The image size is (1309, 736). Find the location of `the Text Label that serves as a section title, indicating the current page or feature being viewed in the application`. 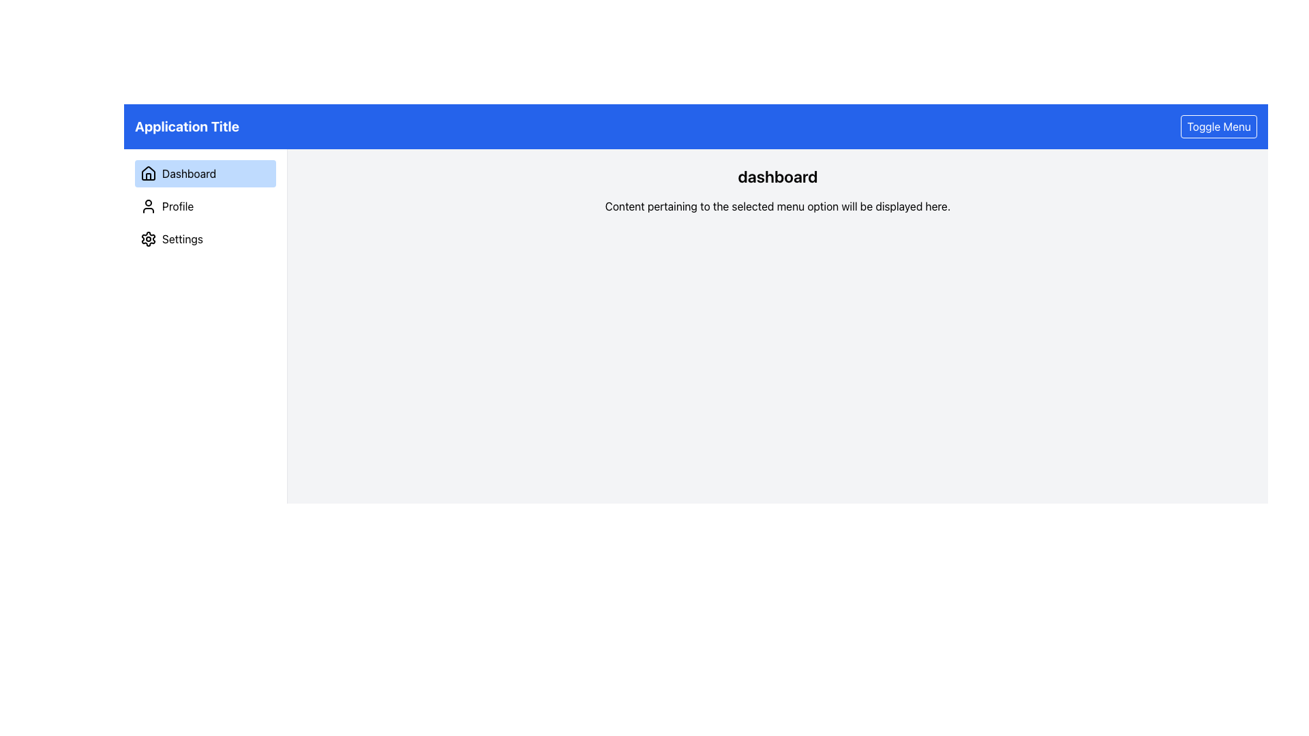

the Text Label that serves as a section title, indicating the current page or feature being viewed in the application is located at coordinates (778, 175).